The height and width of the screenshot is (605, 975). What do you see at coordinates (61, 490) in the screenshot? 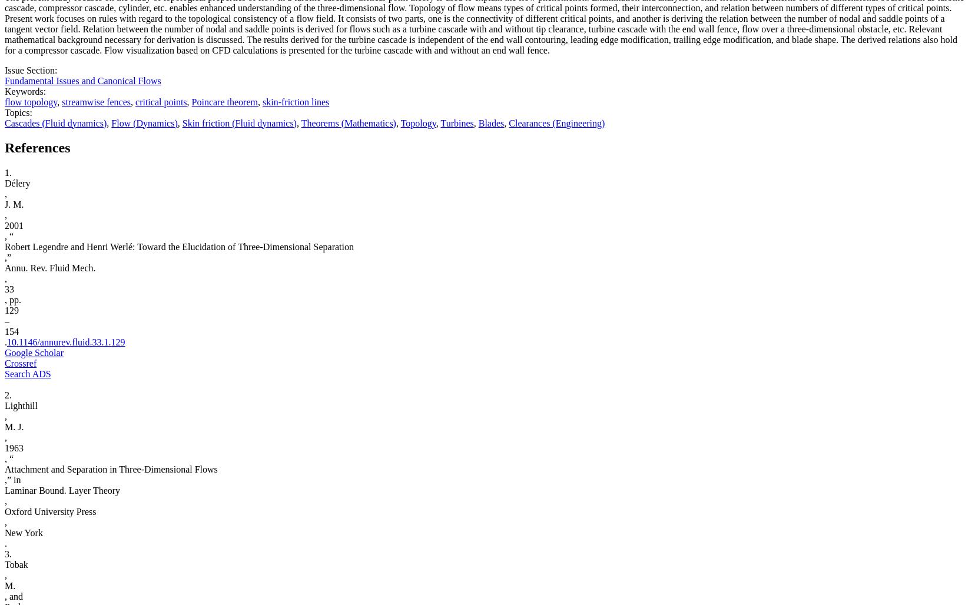
I see `'Laminar Bound. Layer Theory'` at bounding box center [61, 490].